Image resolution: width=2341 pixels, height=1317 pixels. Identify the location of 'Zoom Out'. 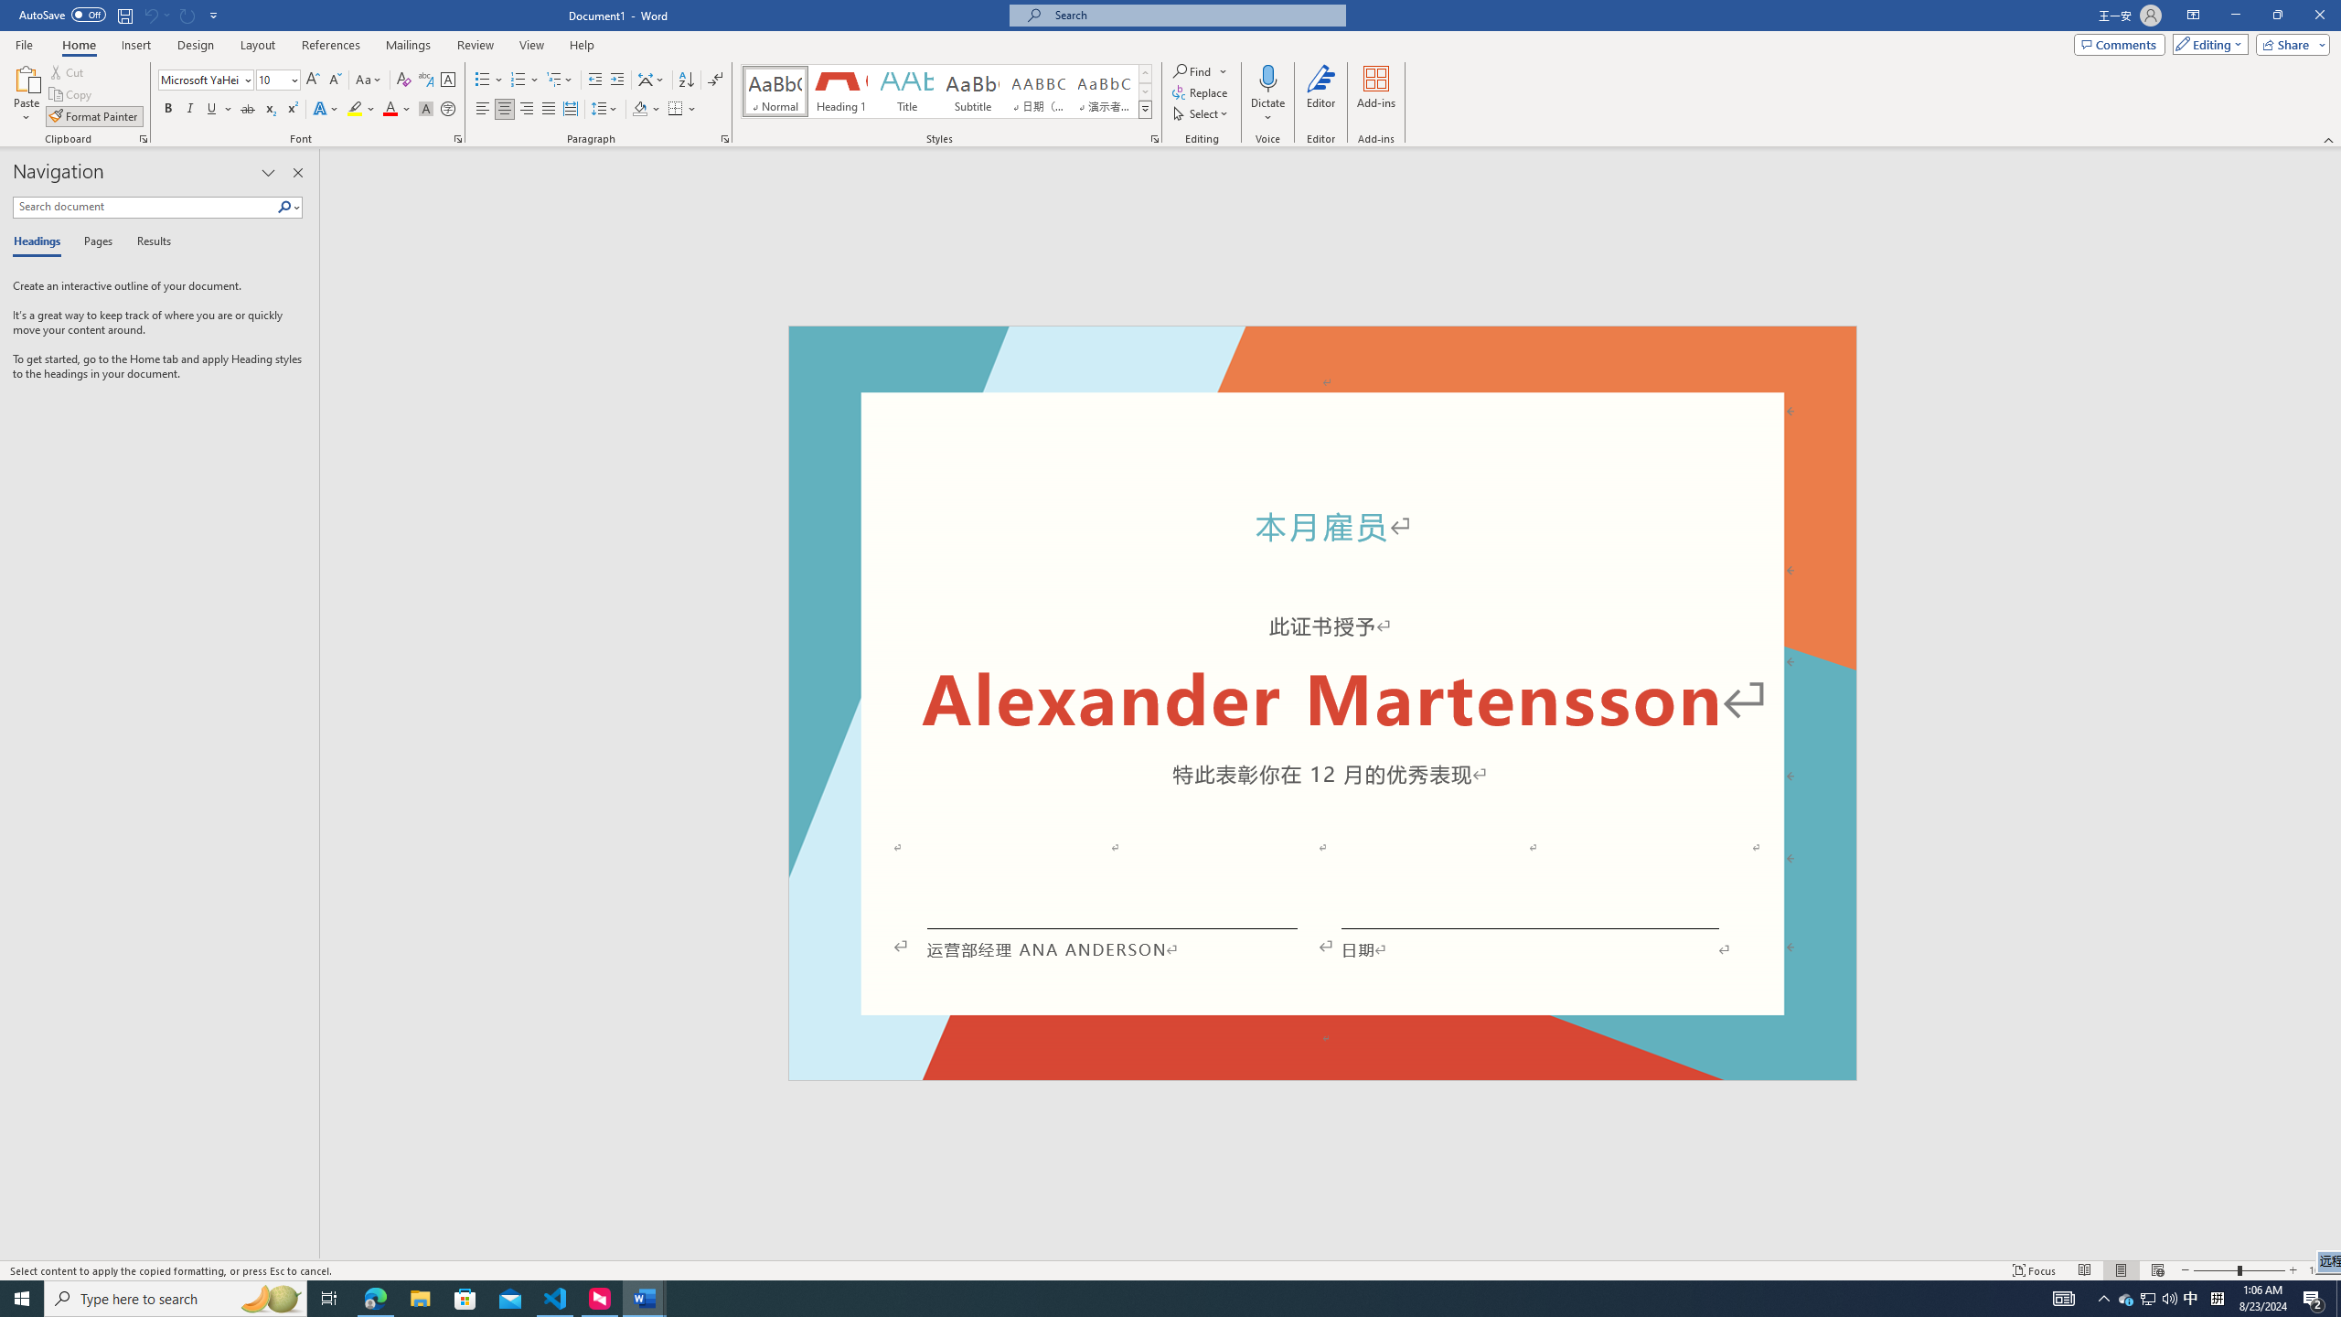
(2215, 1270).